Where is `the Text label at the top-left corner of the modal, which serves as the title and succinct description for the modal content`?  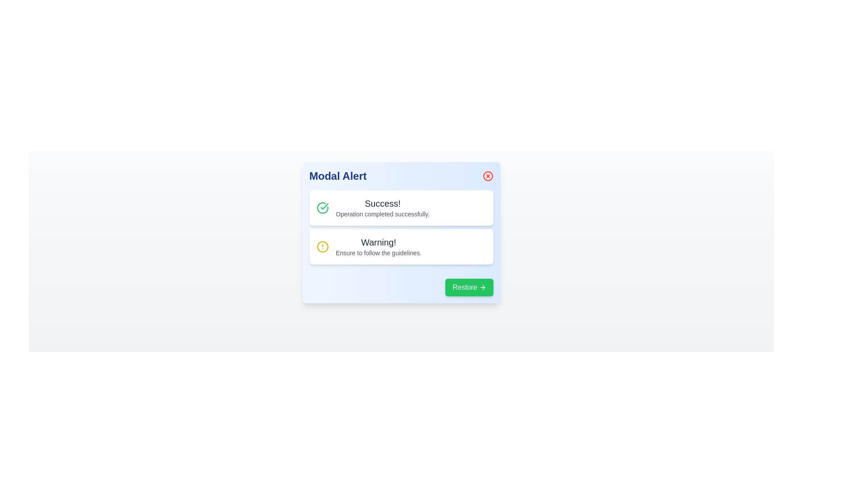 the Text label at the top-left corner of the modal, which serves as the title and succinct description for the modal content is located at coordinates (337, 176).